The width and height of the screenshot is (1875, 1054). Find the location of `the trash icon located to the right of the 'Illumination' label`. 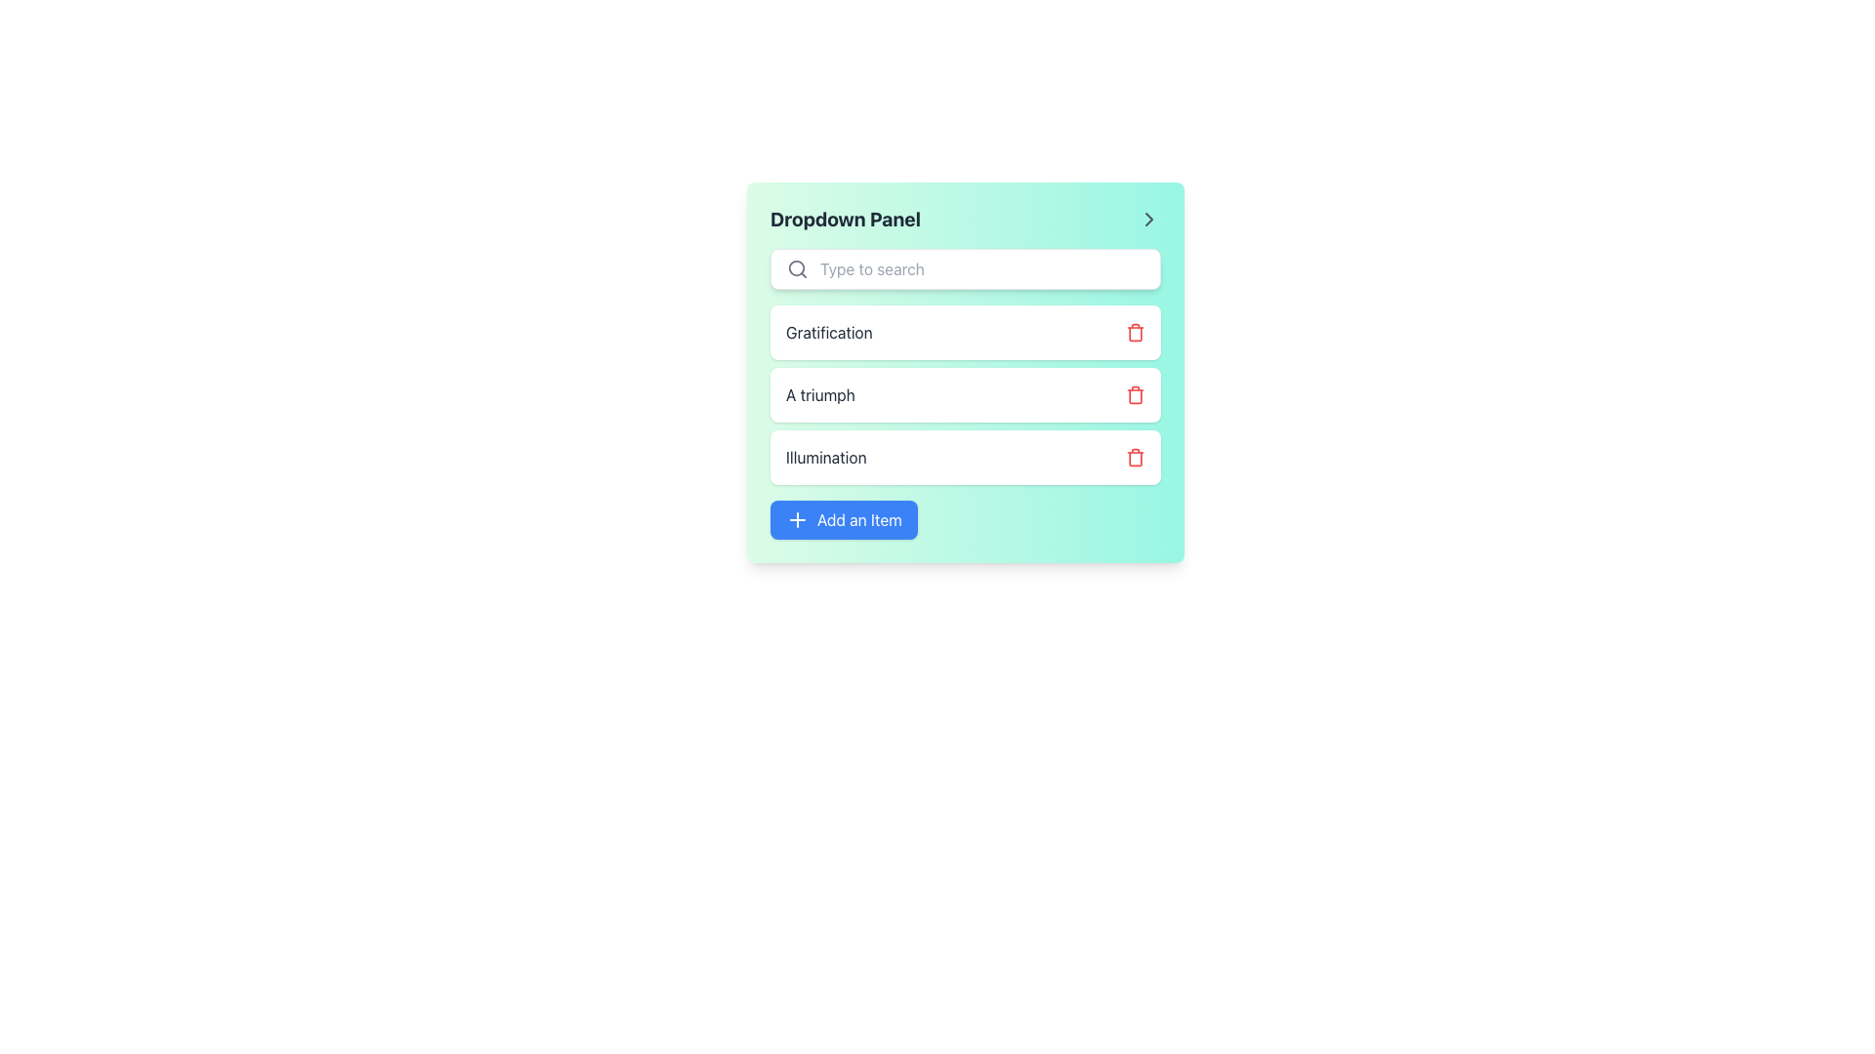

the trash icon located to the right of the 'Illumination' label is located at coordinates (1135, 458).